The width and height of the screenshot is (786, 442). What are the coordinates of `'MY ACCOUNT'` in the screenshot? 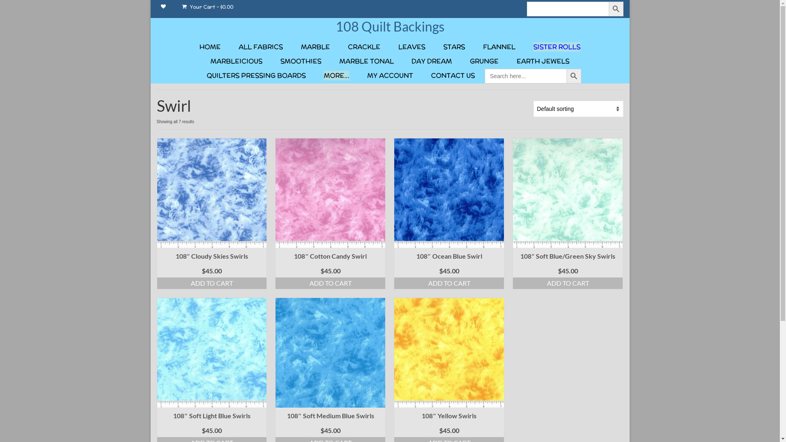 It's located at (390, 75).